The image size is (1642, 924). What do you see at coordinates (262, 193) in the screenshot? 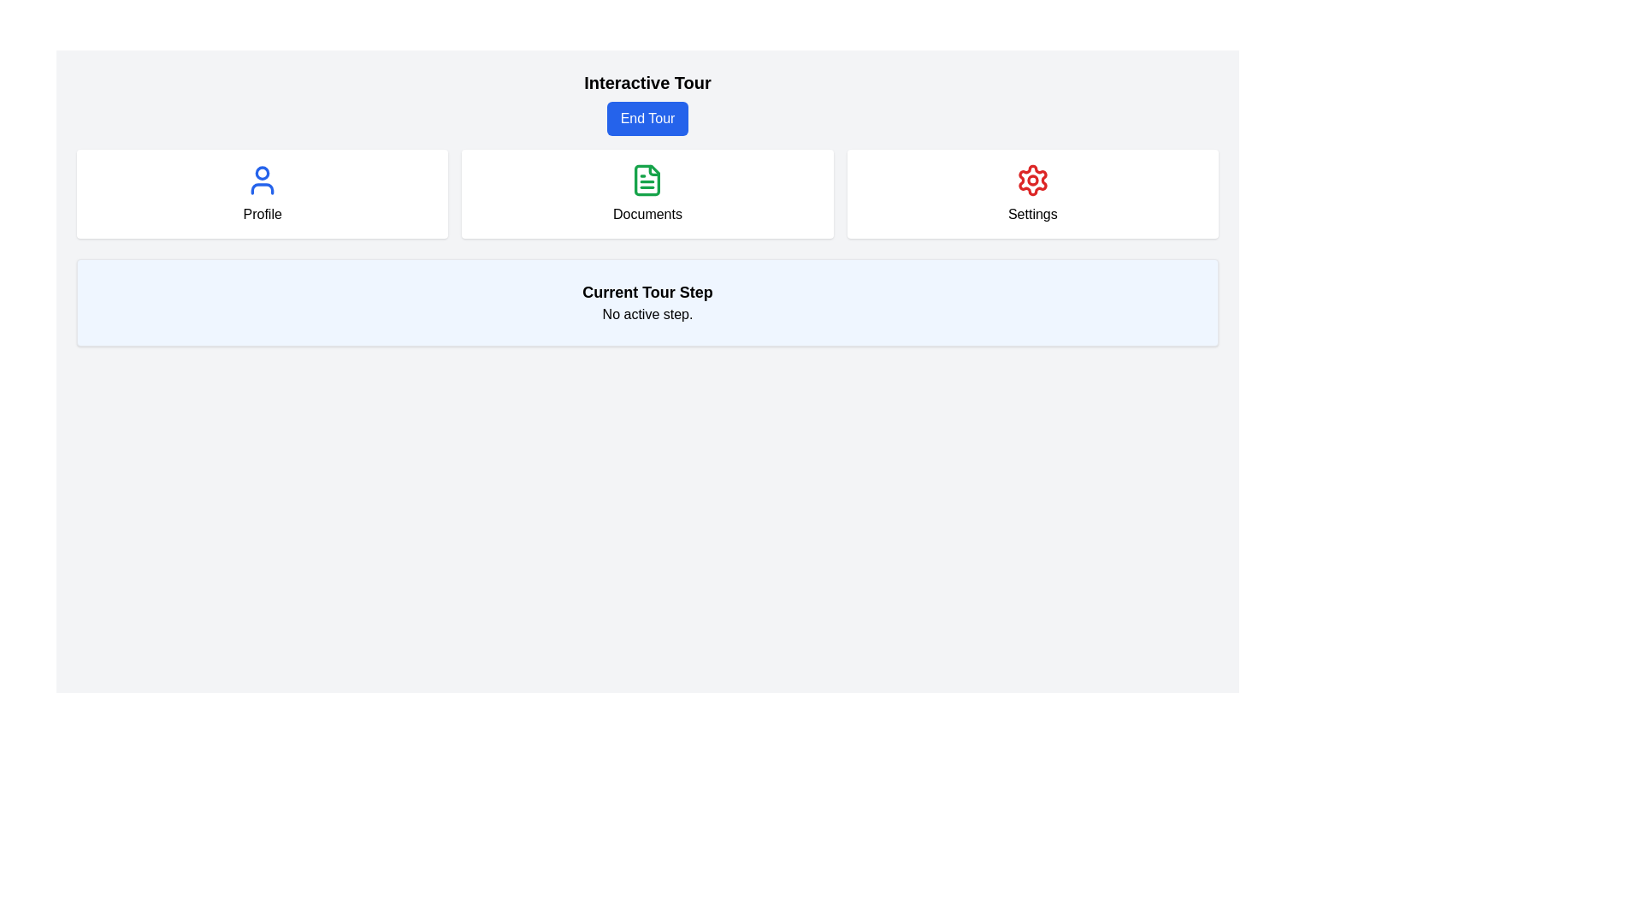
I see `the clickable card or button located in the top-left section of the interface` at bounding box center [262, 193].